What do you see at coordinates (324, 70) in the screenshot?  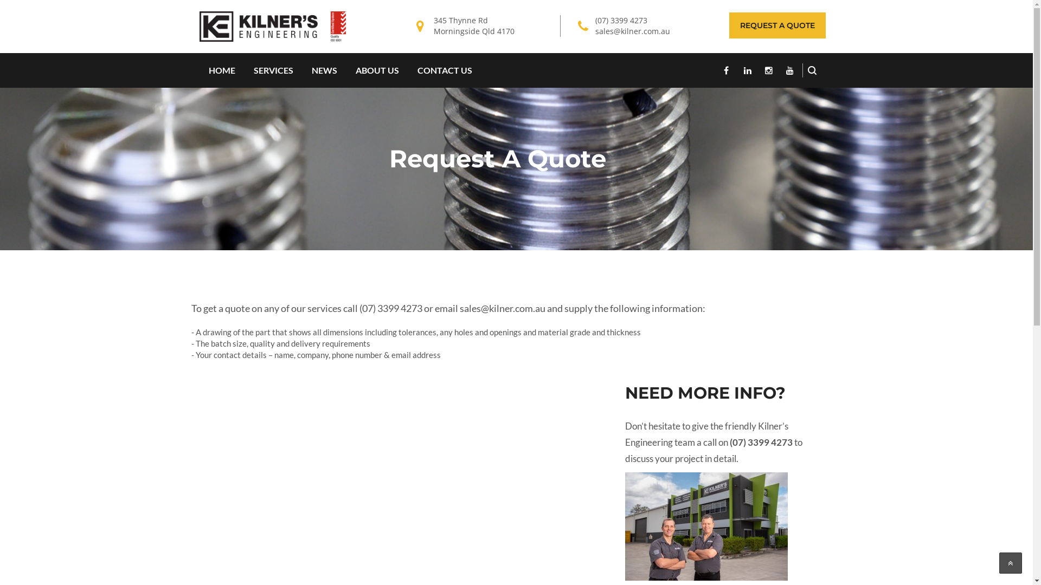 I see `'NEWS'` at bounding box center [324, 70].